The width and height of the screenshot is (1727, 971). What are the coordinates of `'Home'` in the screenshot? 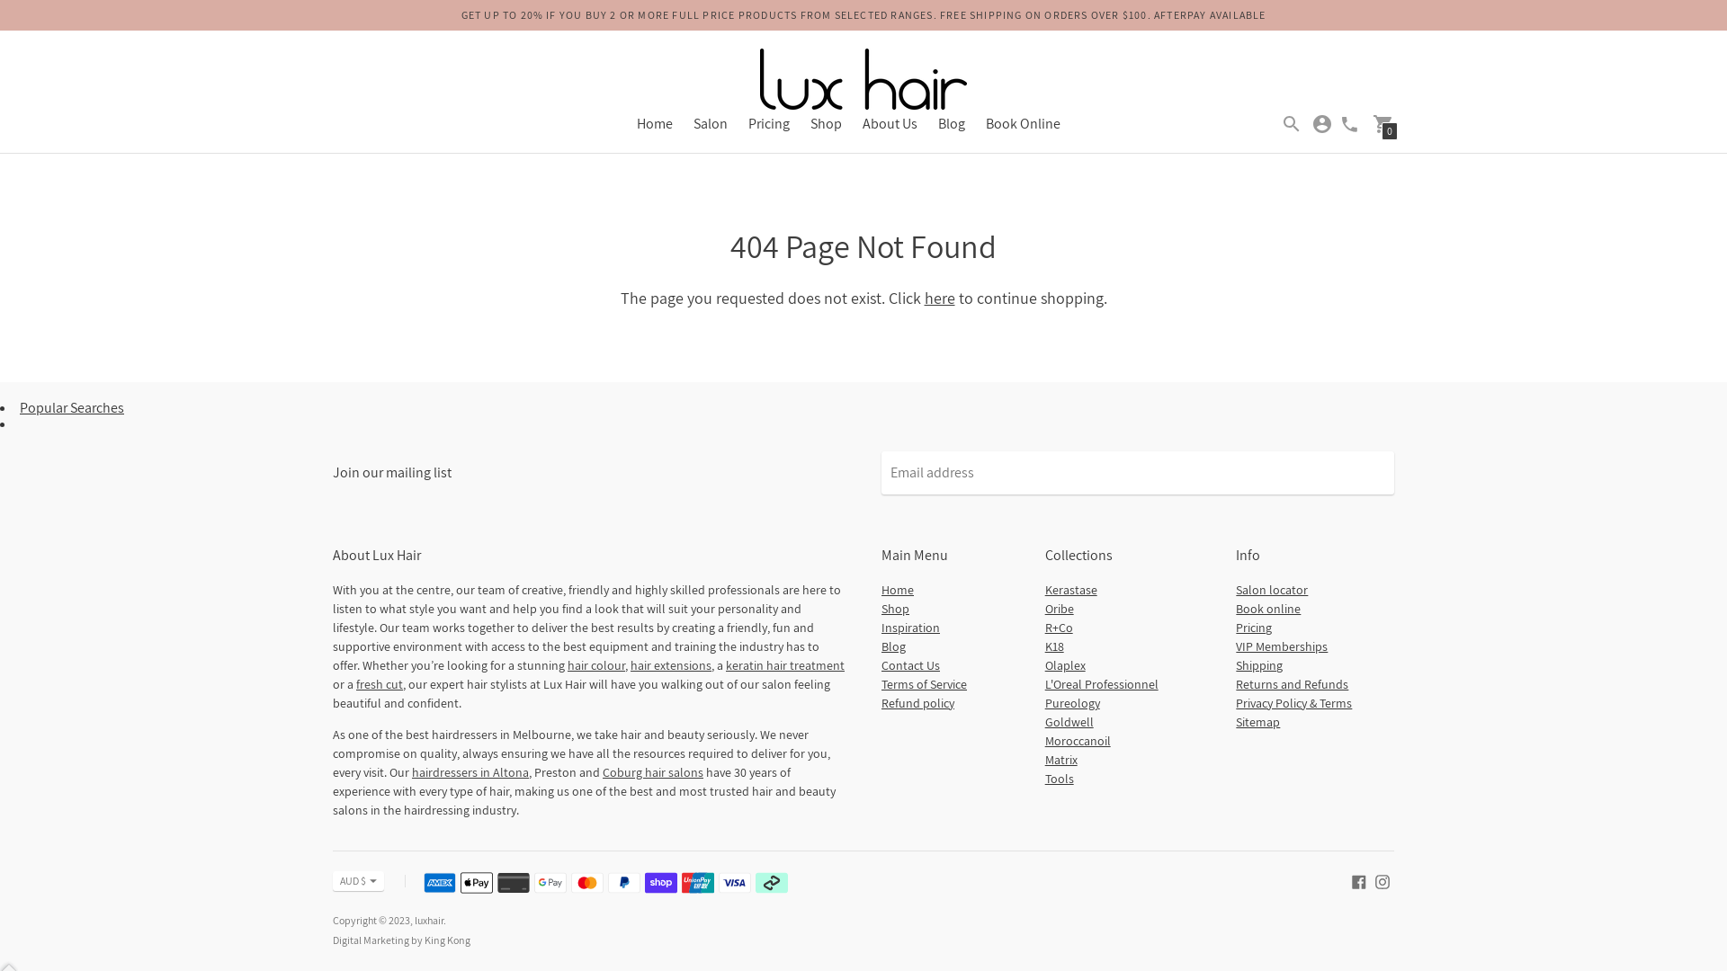 It's located at (898, 589).